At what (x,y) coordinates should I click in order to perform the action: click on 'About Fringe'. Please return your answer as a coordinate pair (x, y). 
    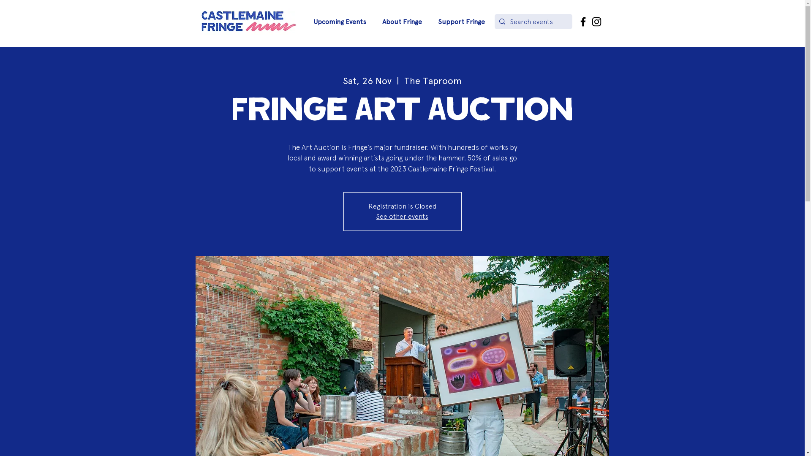
    Looking at the image, I should click on (400, 21).